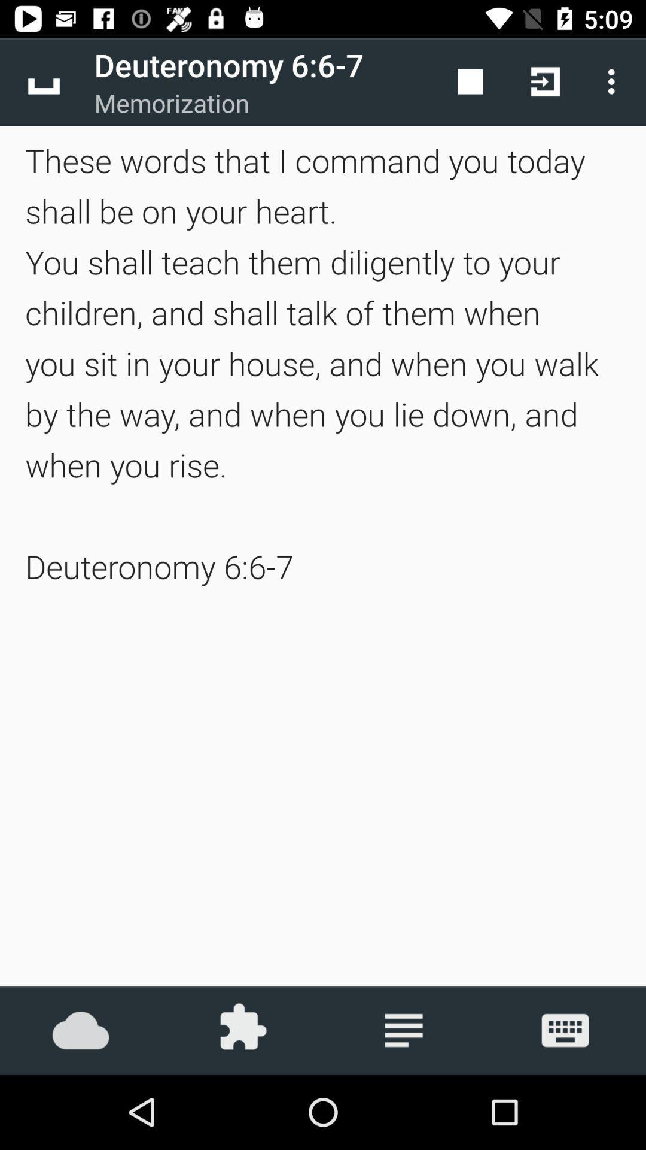  Describe the element at coordinates (565, 1030) in the screenshot. I see `the icon below these words that icon` at that location.